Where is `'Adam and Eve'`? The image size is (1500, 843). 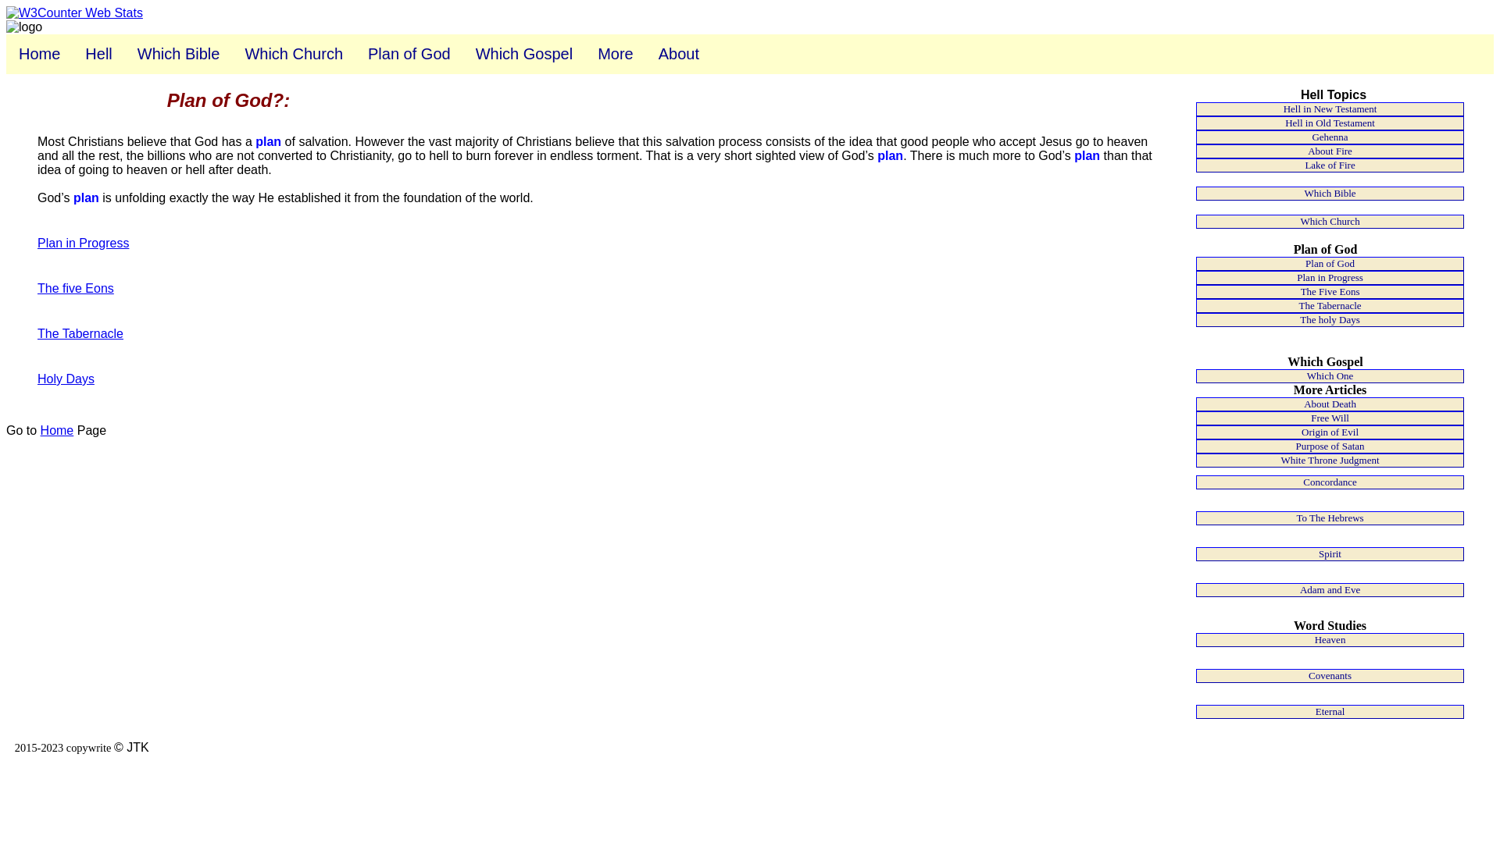
'Adam and Eve' is located at coordinates (1329, 590).